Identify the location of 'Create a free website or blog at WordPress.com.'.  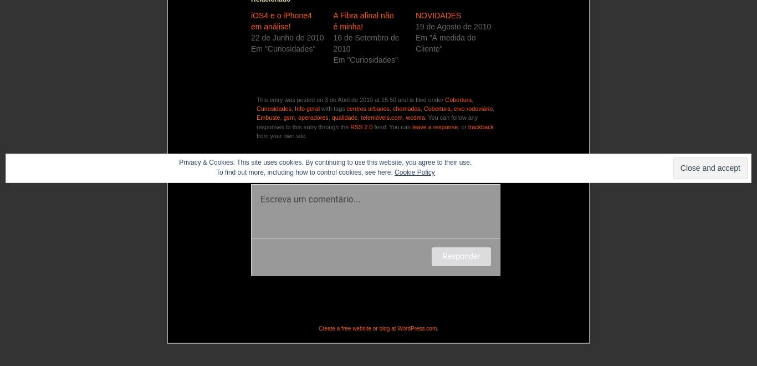
(317, 327).